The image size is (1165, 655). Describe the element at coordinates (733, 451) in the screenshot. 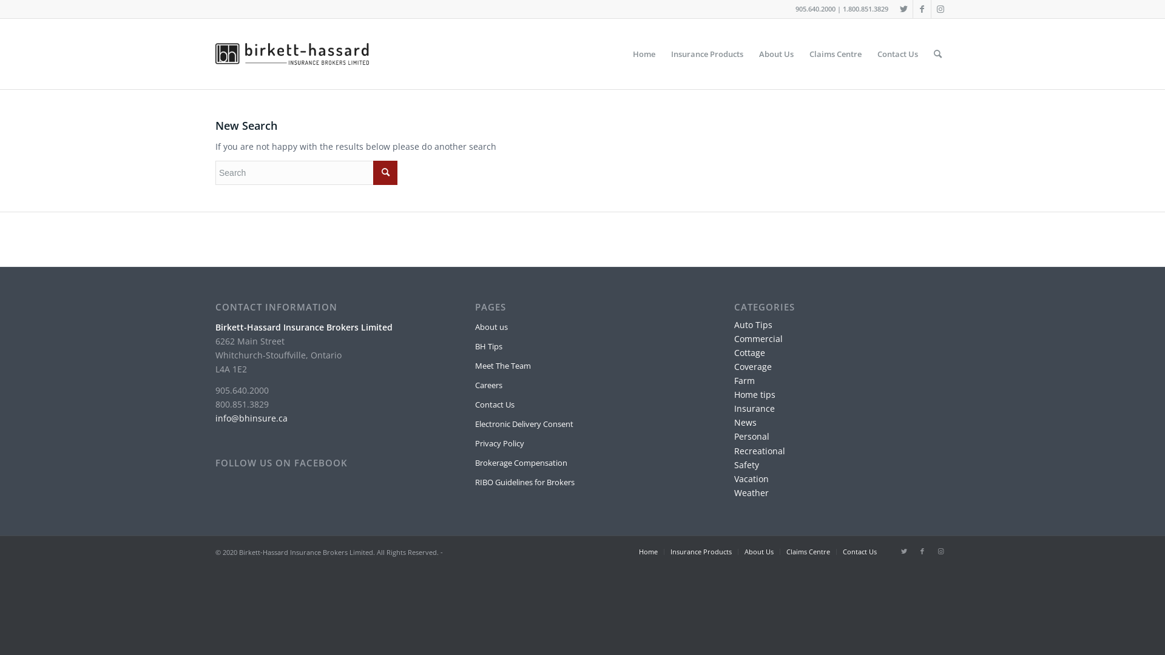

I see `'Recreational'` at that location.